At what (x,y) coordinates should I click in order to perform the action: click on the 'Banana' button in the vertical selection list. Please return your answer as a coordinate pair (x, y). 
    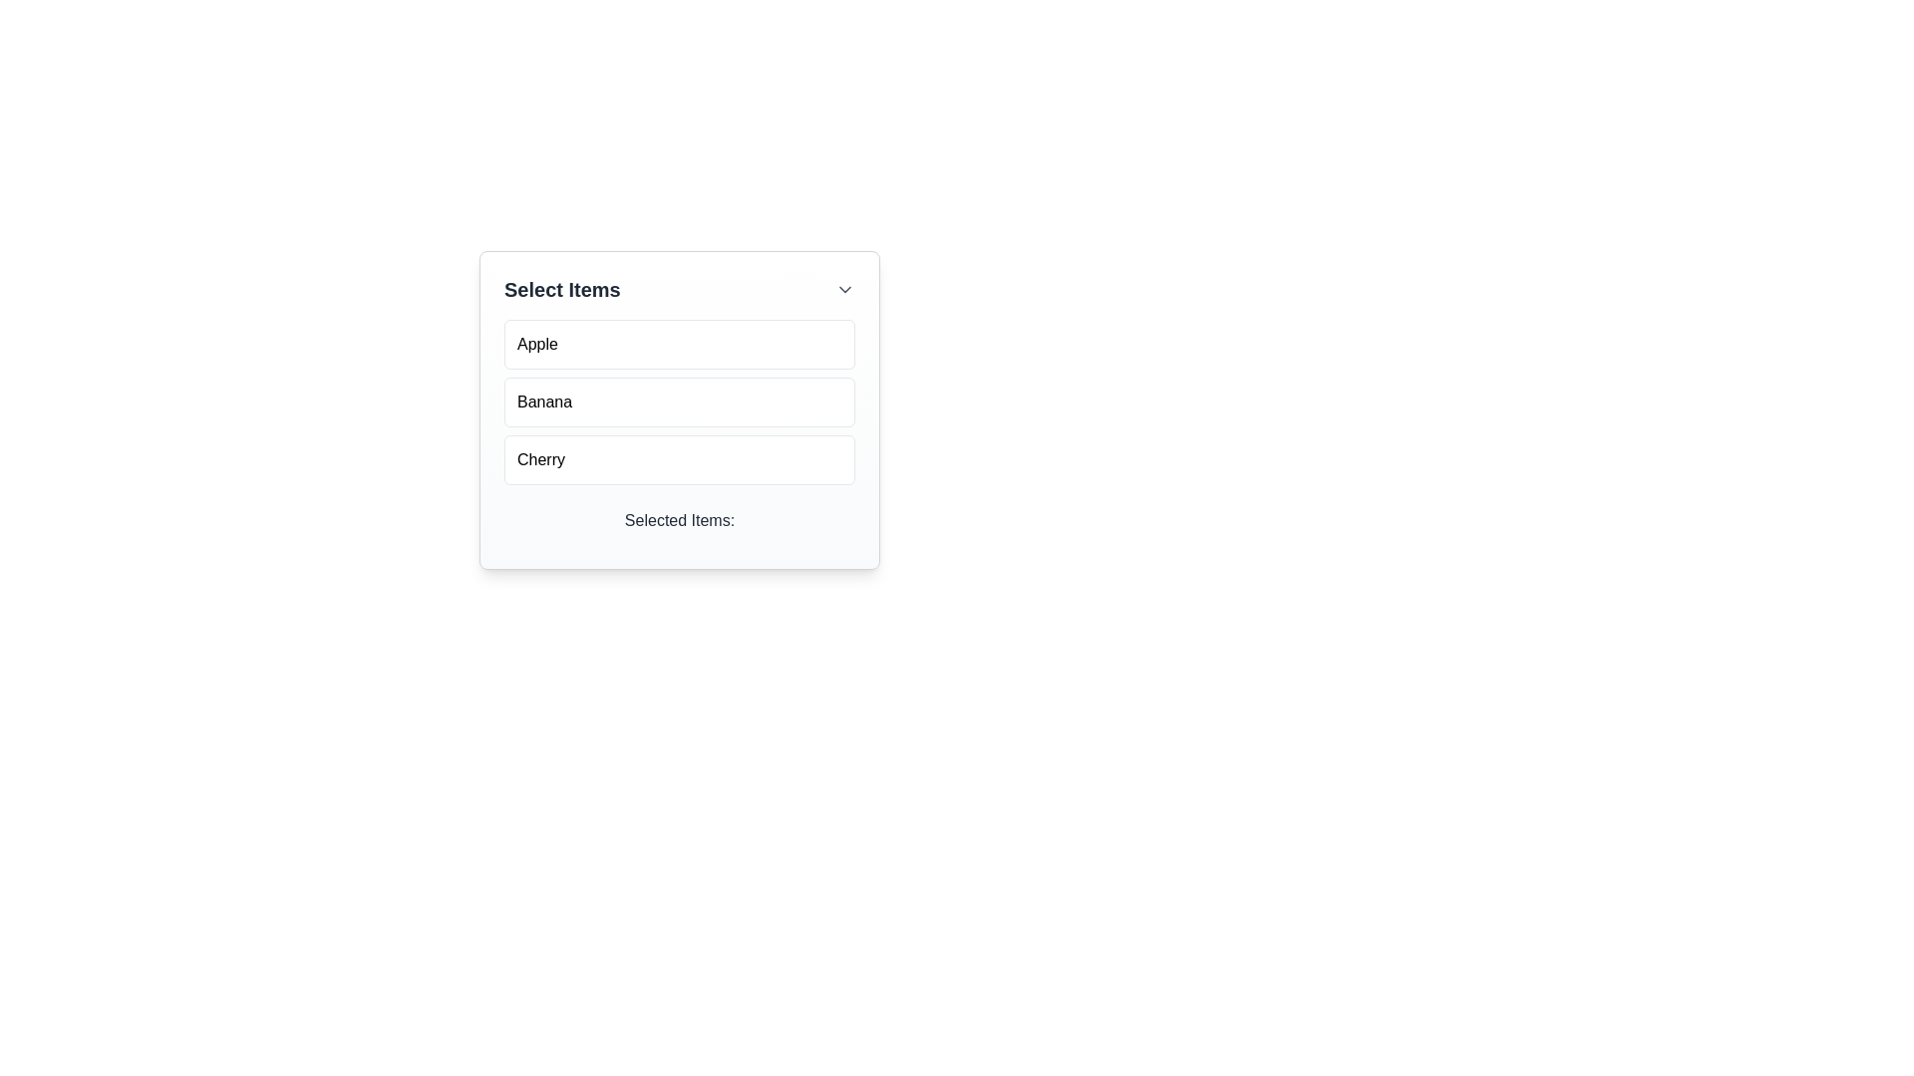
    Looking at the image, I should click on (679, 409).